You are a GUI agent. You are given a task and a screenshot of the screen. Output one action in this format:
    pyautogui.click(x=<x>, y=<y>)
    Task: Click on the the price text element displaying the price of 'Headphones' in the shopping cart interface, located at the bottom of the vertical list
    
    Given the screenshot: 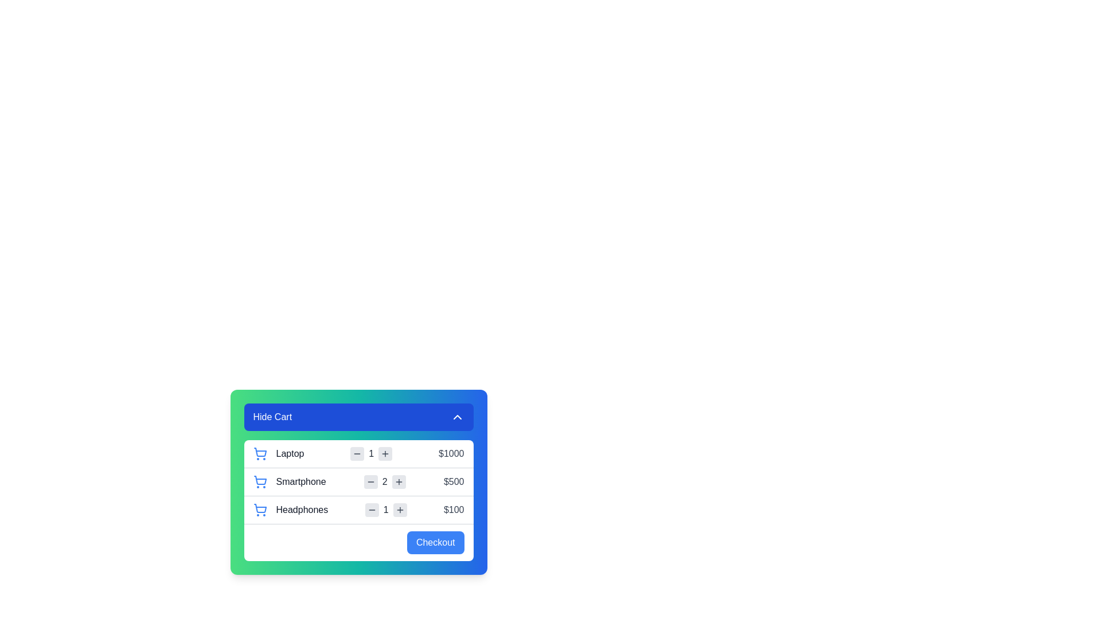 What is the action you would take?
    pyautogui.click(x=453, y=510)
    